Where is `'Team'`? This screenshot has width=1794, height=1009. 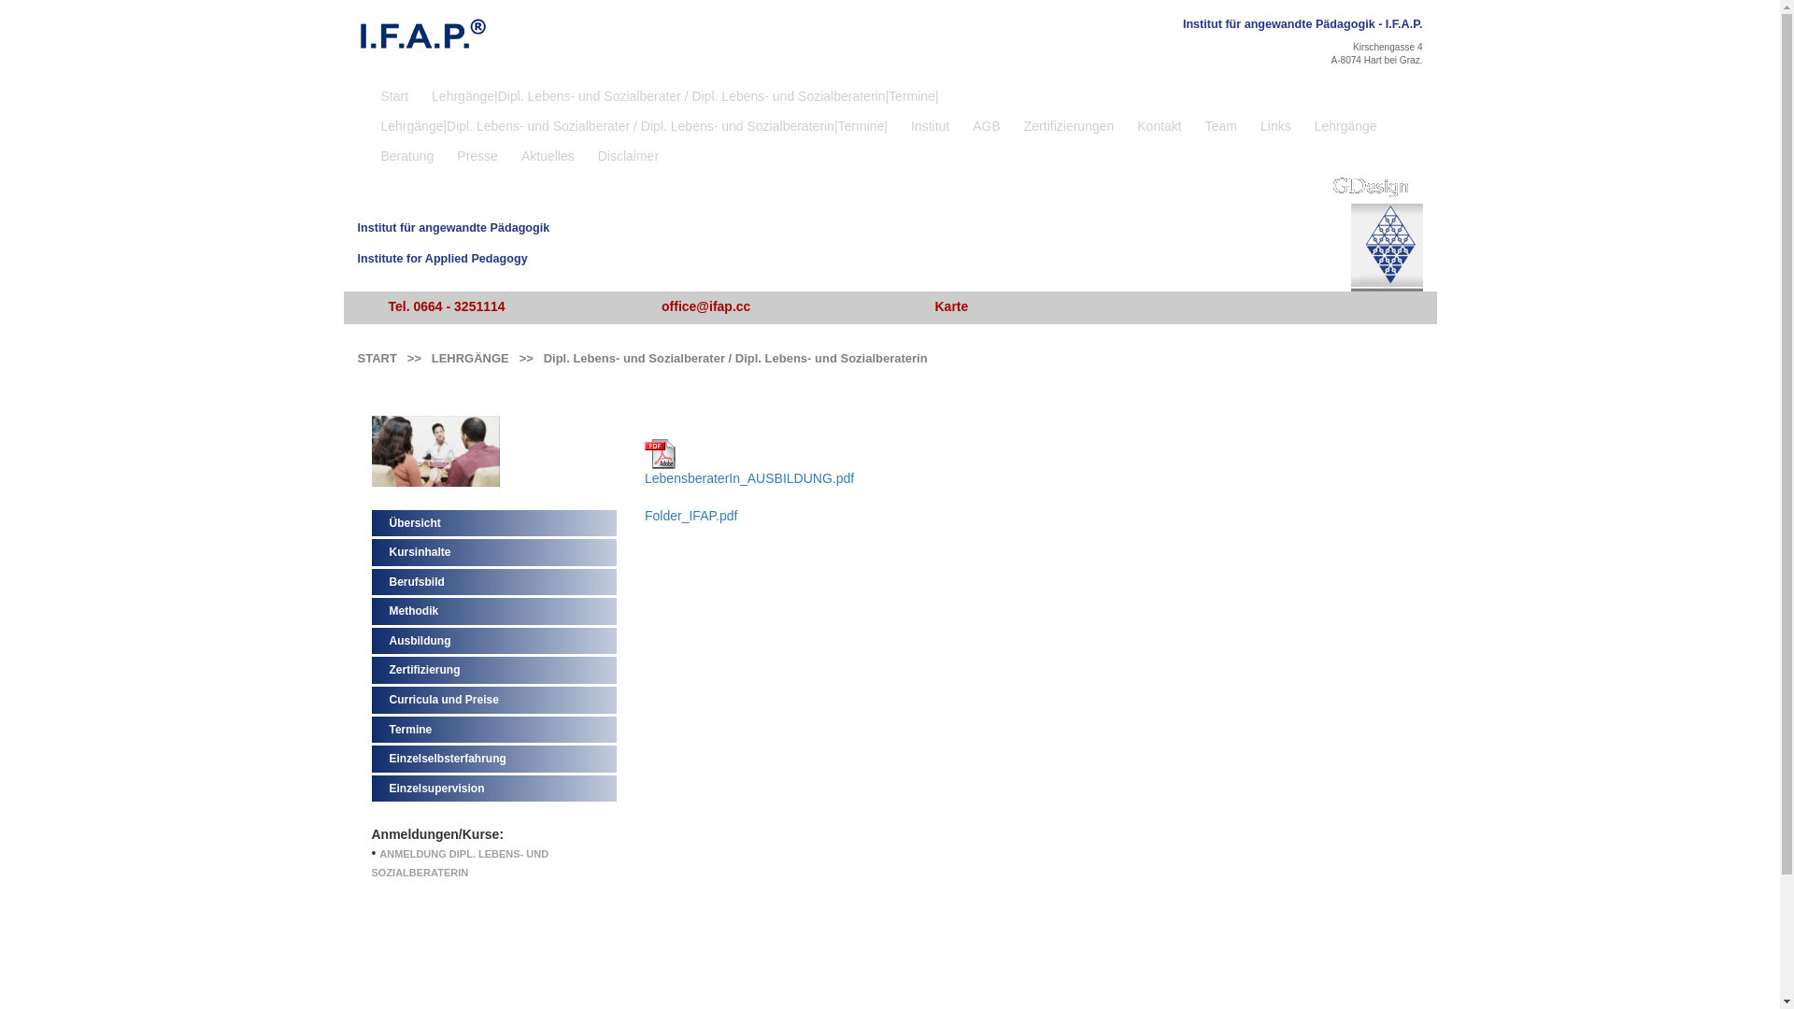
'Team' is located at coordinates (1223, 122).